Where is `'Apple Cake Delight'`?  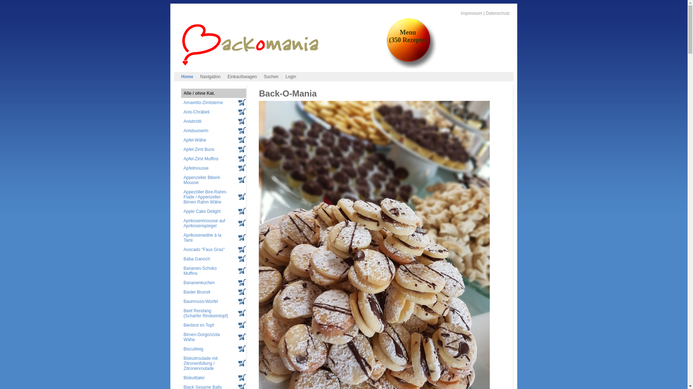
'Apple Cake Delight' is located at coordinates (183, 211).